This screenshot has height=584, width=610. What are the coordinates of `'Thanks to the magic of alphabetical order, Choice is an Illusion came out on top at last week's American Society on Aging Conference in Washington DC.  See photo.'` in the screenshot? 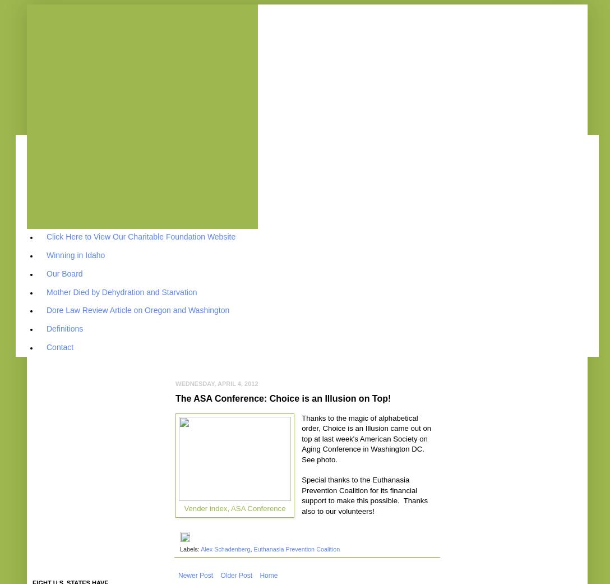 It's located at (366, 438).